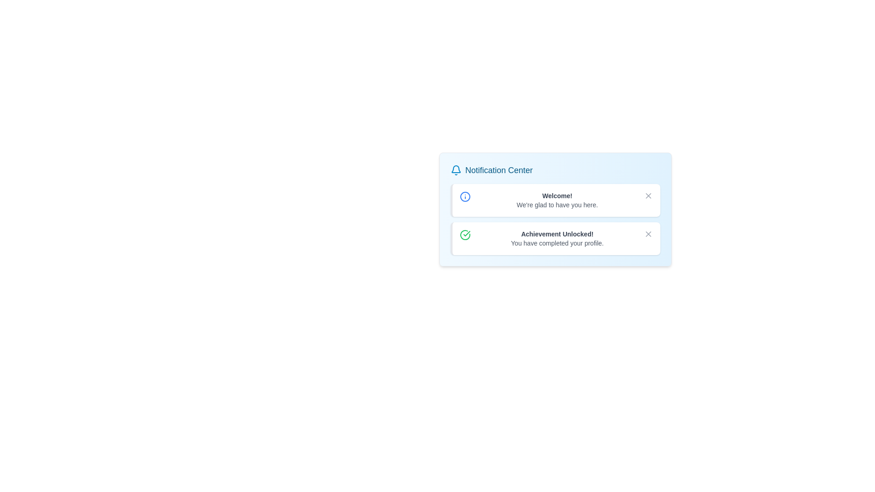  What do you see at coordinates (557, 238) in the screenshot?
I see `the text block that displays 'Achievement Unlocked!' in bold and 'You have completed your profile.' in regular font, located in the center-right of the notification interface` at bounding box center [557, 238].